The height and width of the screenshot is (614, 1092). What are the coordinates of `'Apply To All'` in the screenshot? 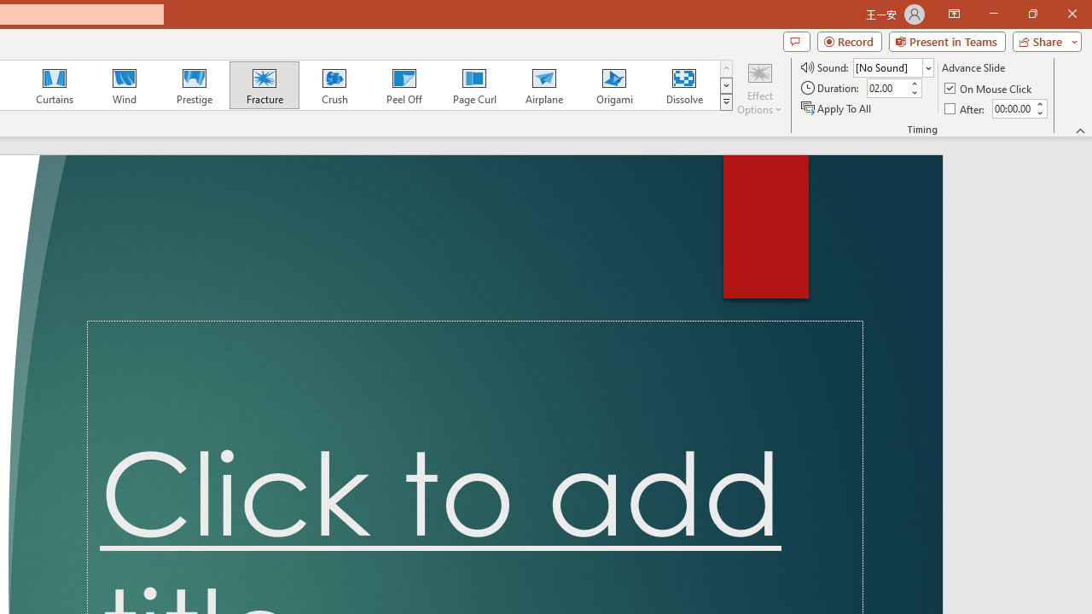 It's located at (837, 108).